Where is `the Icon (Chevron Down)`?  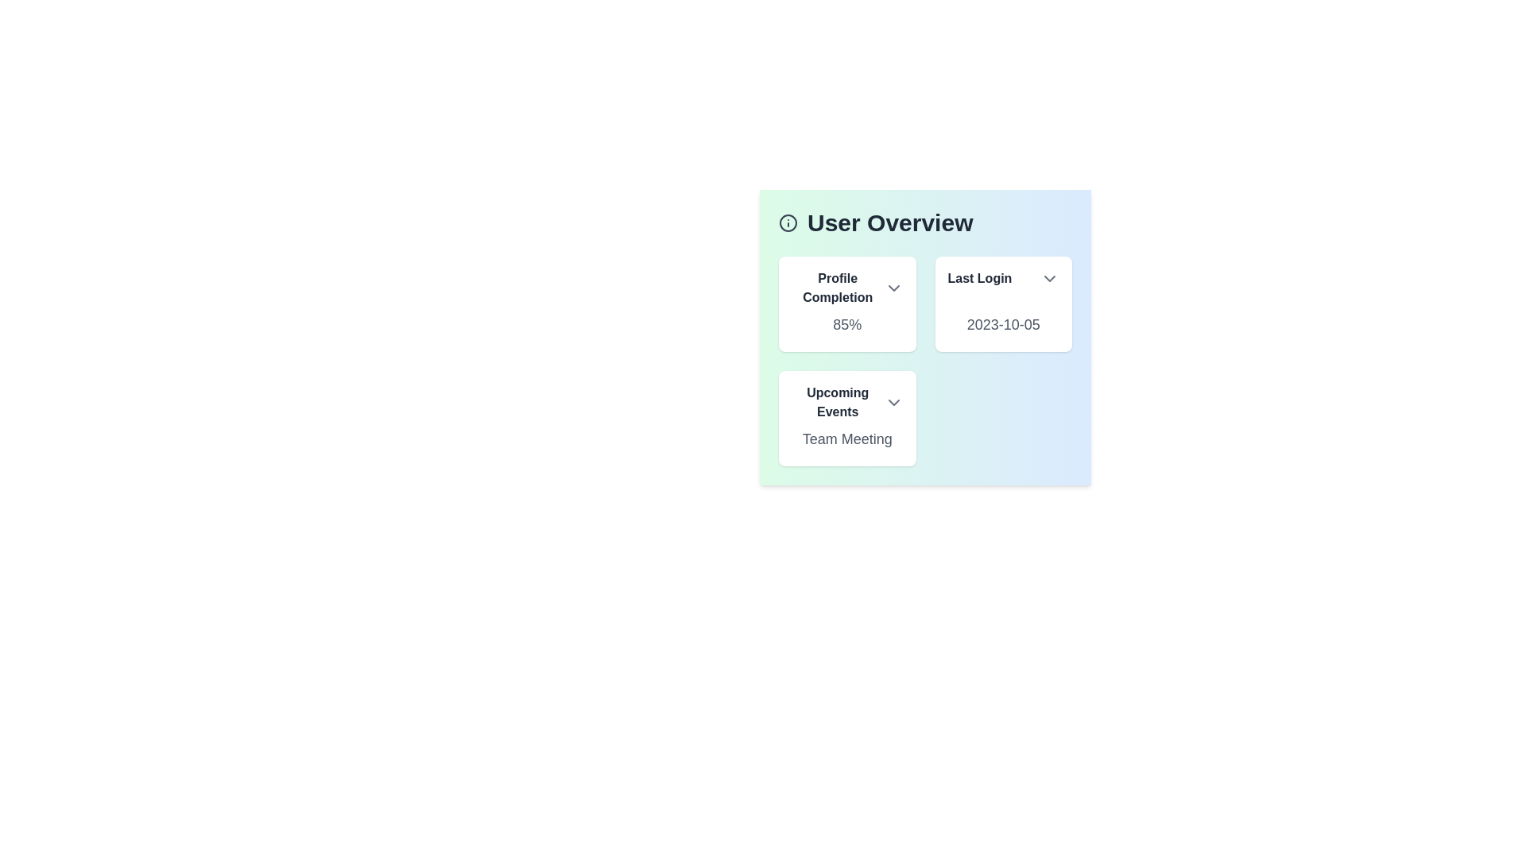 the Icon (Chevron Down) is located at coordinates (1049, 278).